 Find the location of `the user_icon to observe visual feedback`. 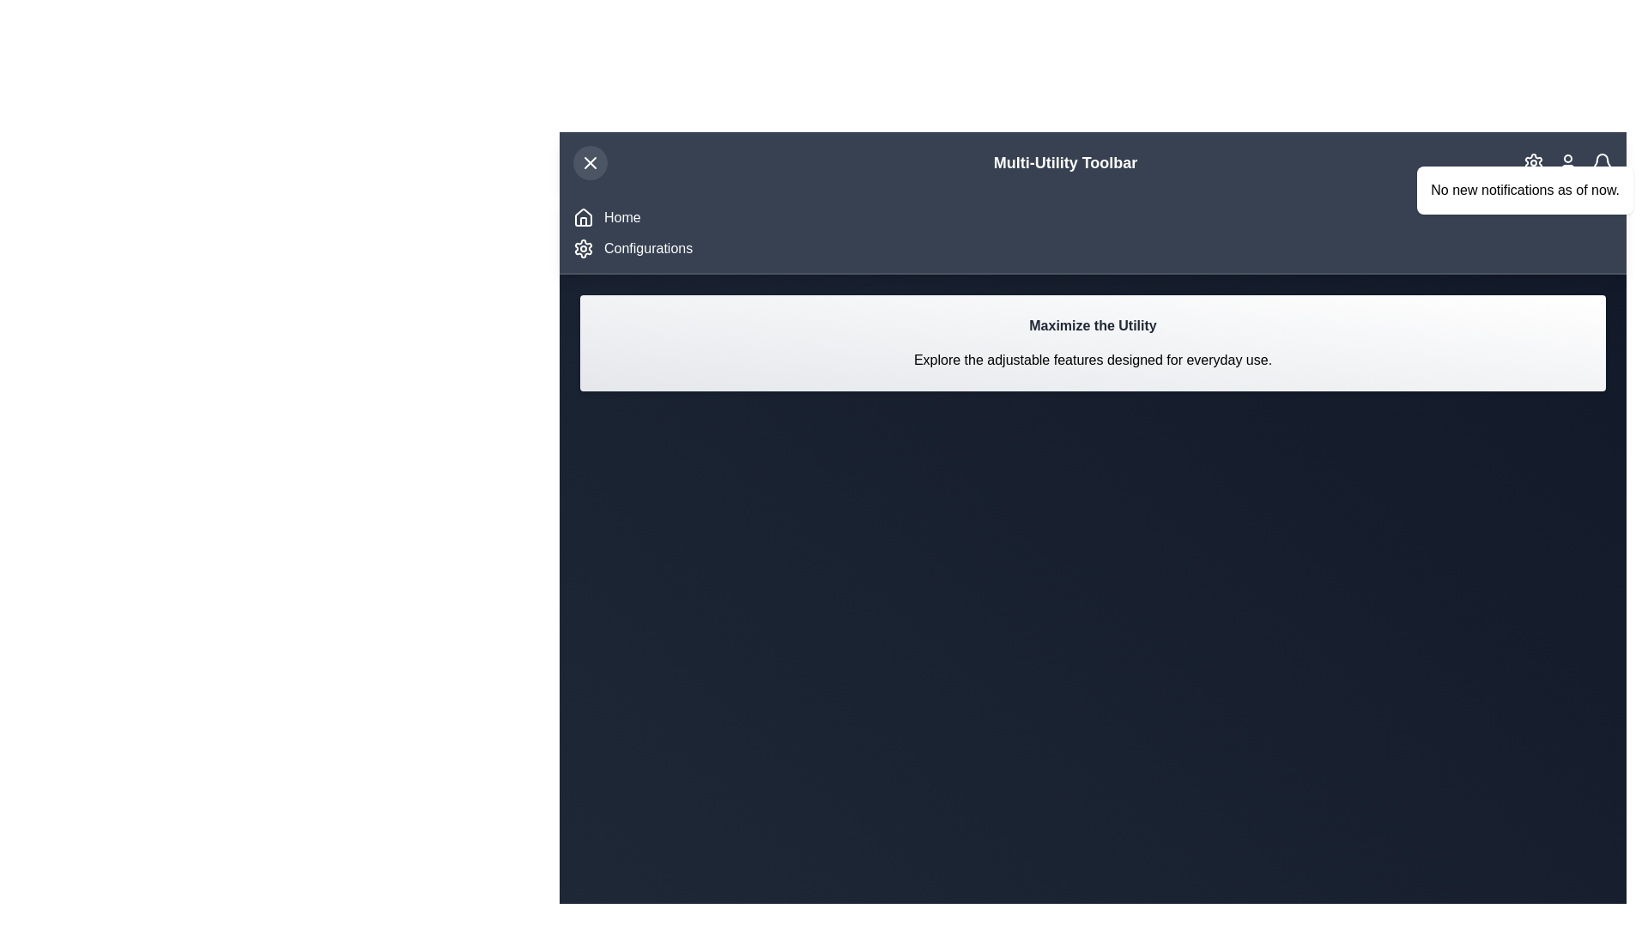

the user_icon to observe visual feedback is located at coordinates (1568, 162).